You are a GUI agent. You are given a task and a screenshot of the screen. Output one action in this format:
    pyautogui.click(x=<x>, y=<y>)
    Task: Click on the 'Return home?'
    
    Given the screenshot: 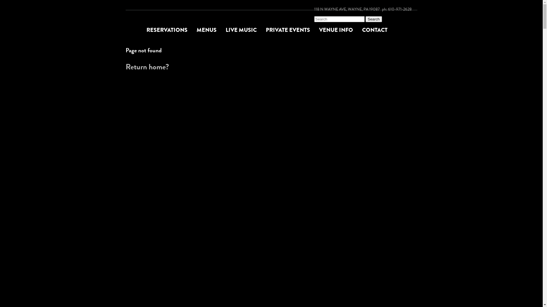 What is the action you would take?
    pyautogui.click(x=147, y=67)
    